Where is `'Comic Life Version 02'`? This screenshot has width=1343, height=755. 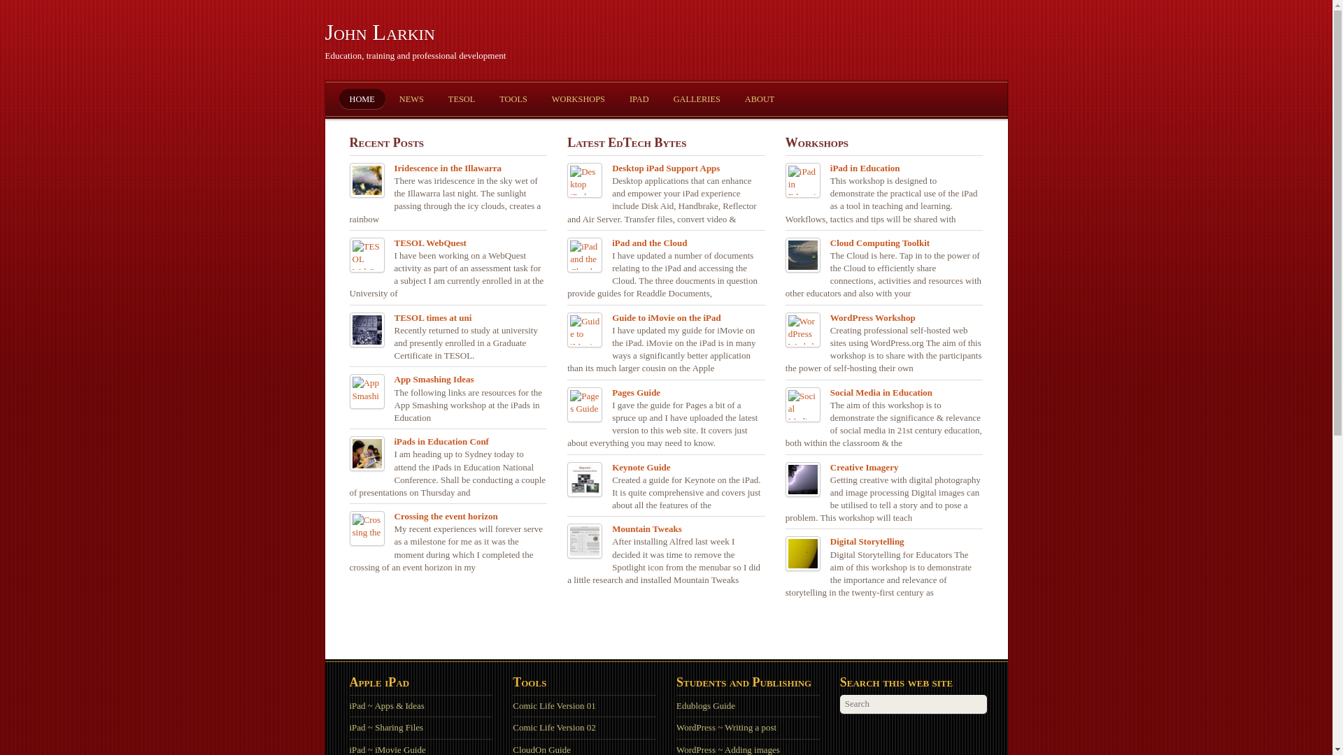
'Comic Life Version 02' is located at coordinates (553, 726).